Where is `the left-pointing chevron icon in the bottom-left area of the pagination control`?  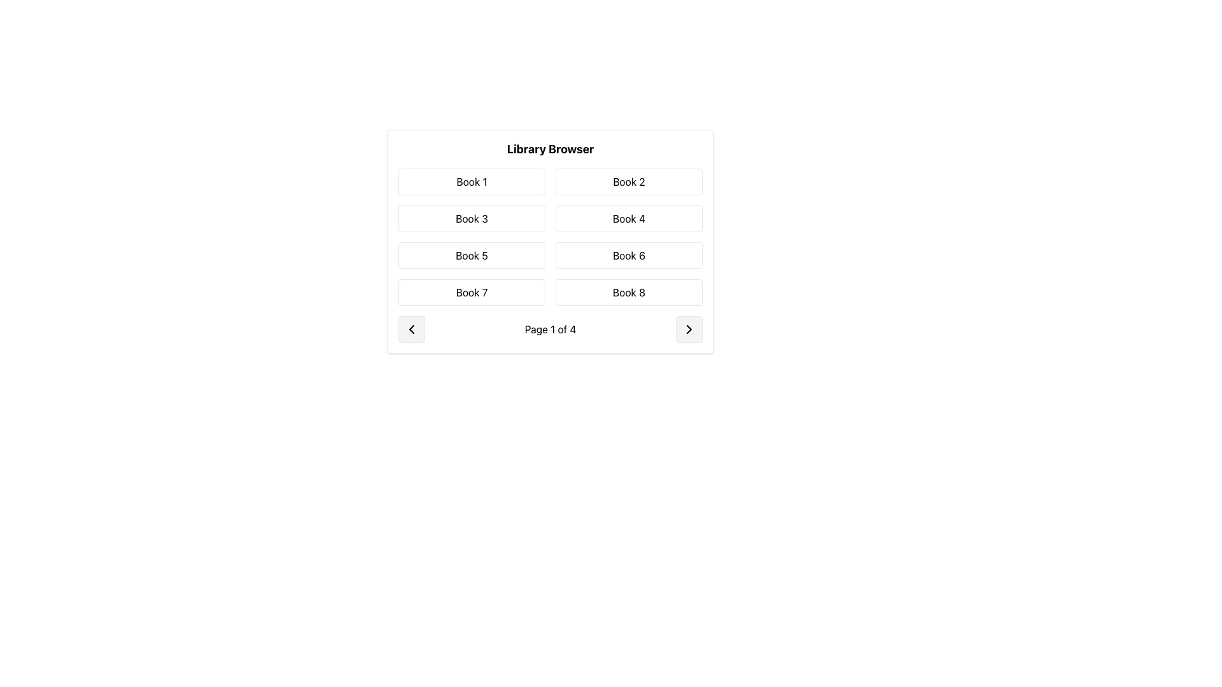
the left-pointing chevron icon in the bottom-left area of the pagination control is located at coordinates (412, 328).